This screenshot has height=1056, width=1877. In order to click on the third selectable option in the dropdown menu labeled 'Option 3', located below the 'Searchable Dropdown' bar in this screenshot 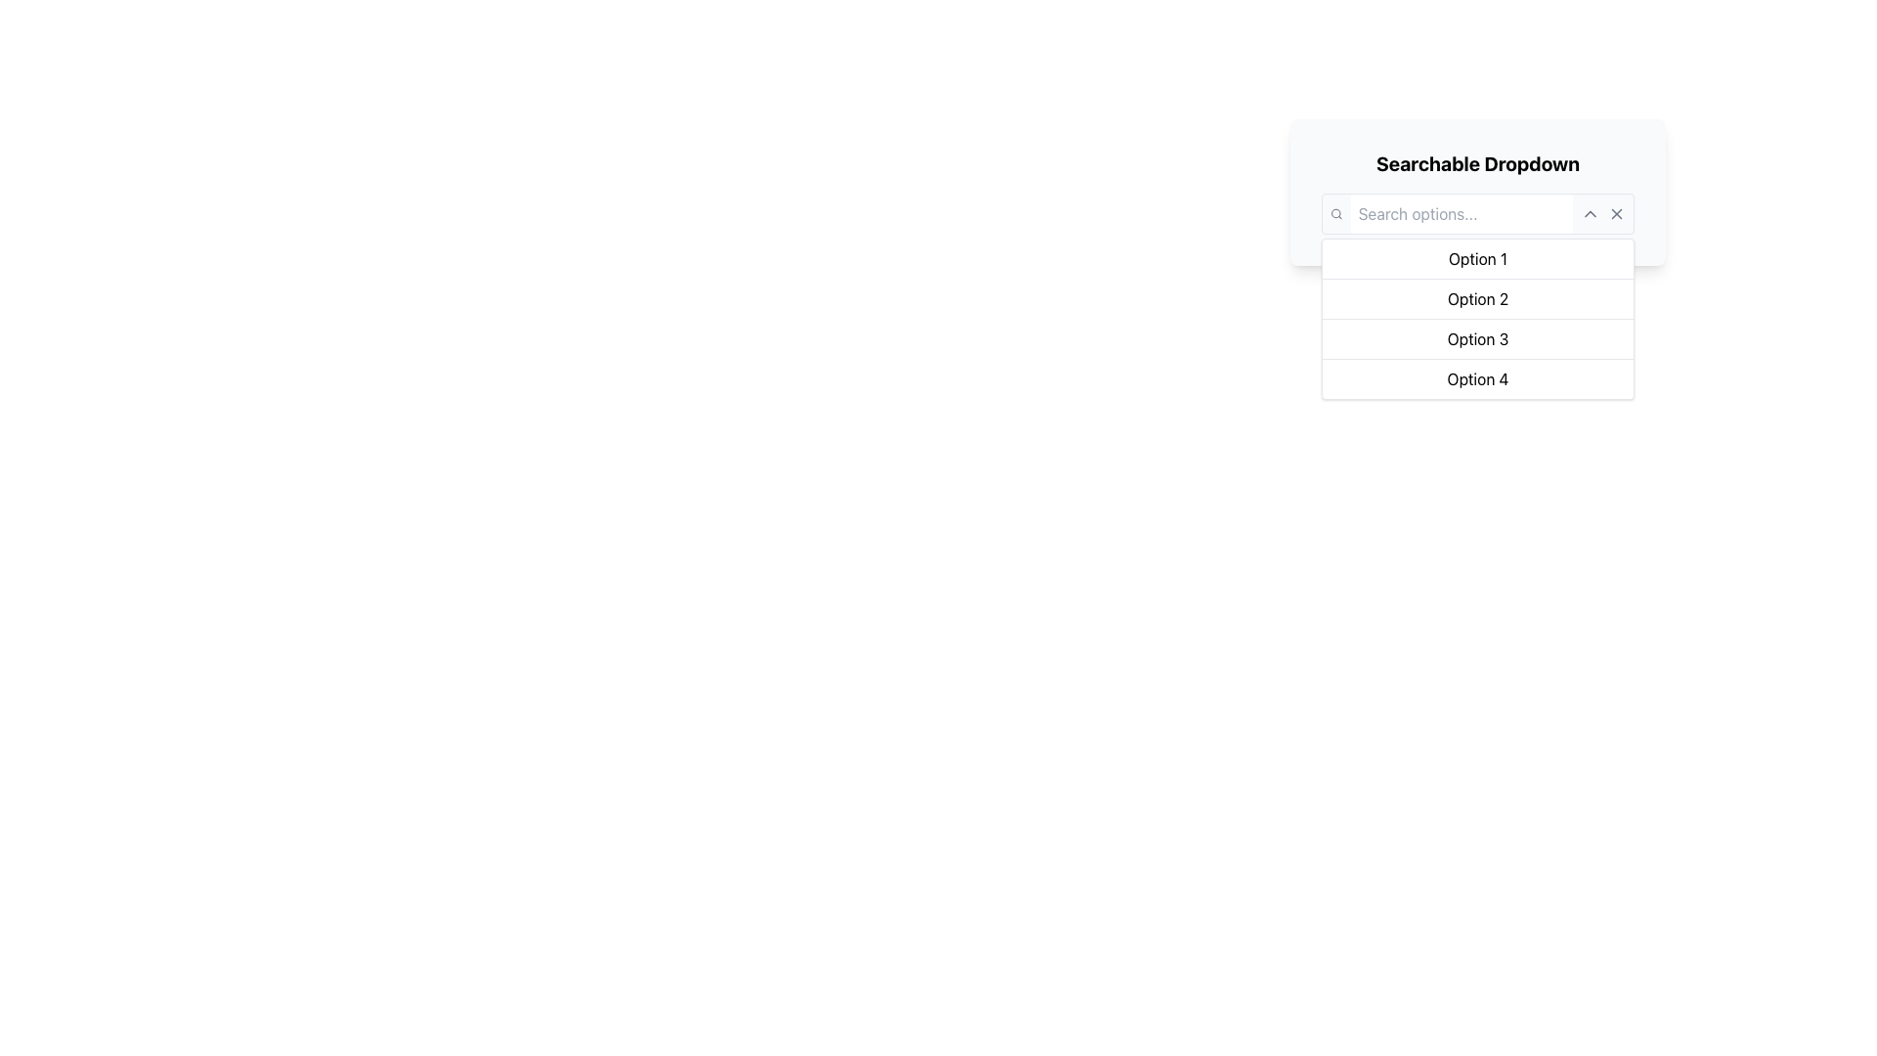, I will do `click(1478, 318)`.